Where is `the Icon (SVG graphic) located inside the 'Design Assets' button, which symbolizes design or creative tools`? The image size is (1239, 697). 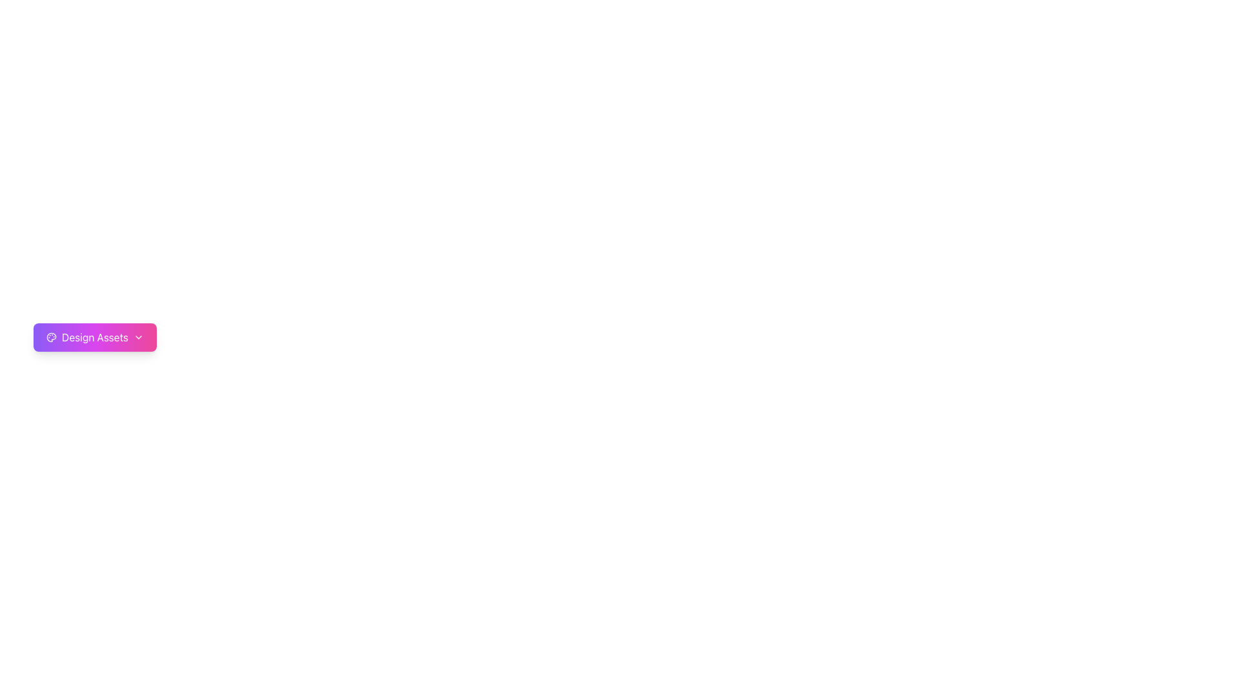
the Icon (SVG graphic) located inside the 'Design Assets' button, which symbolizes design or creative tools is located at coordinates (52, 337).